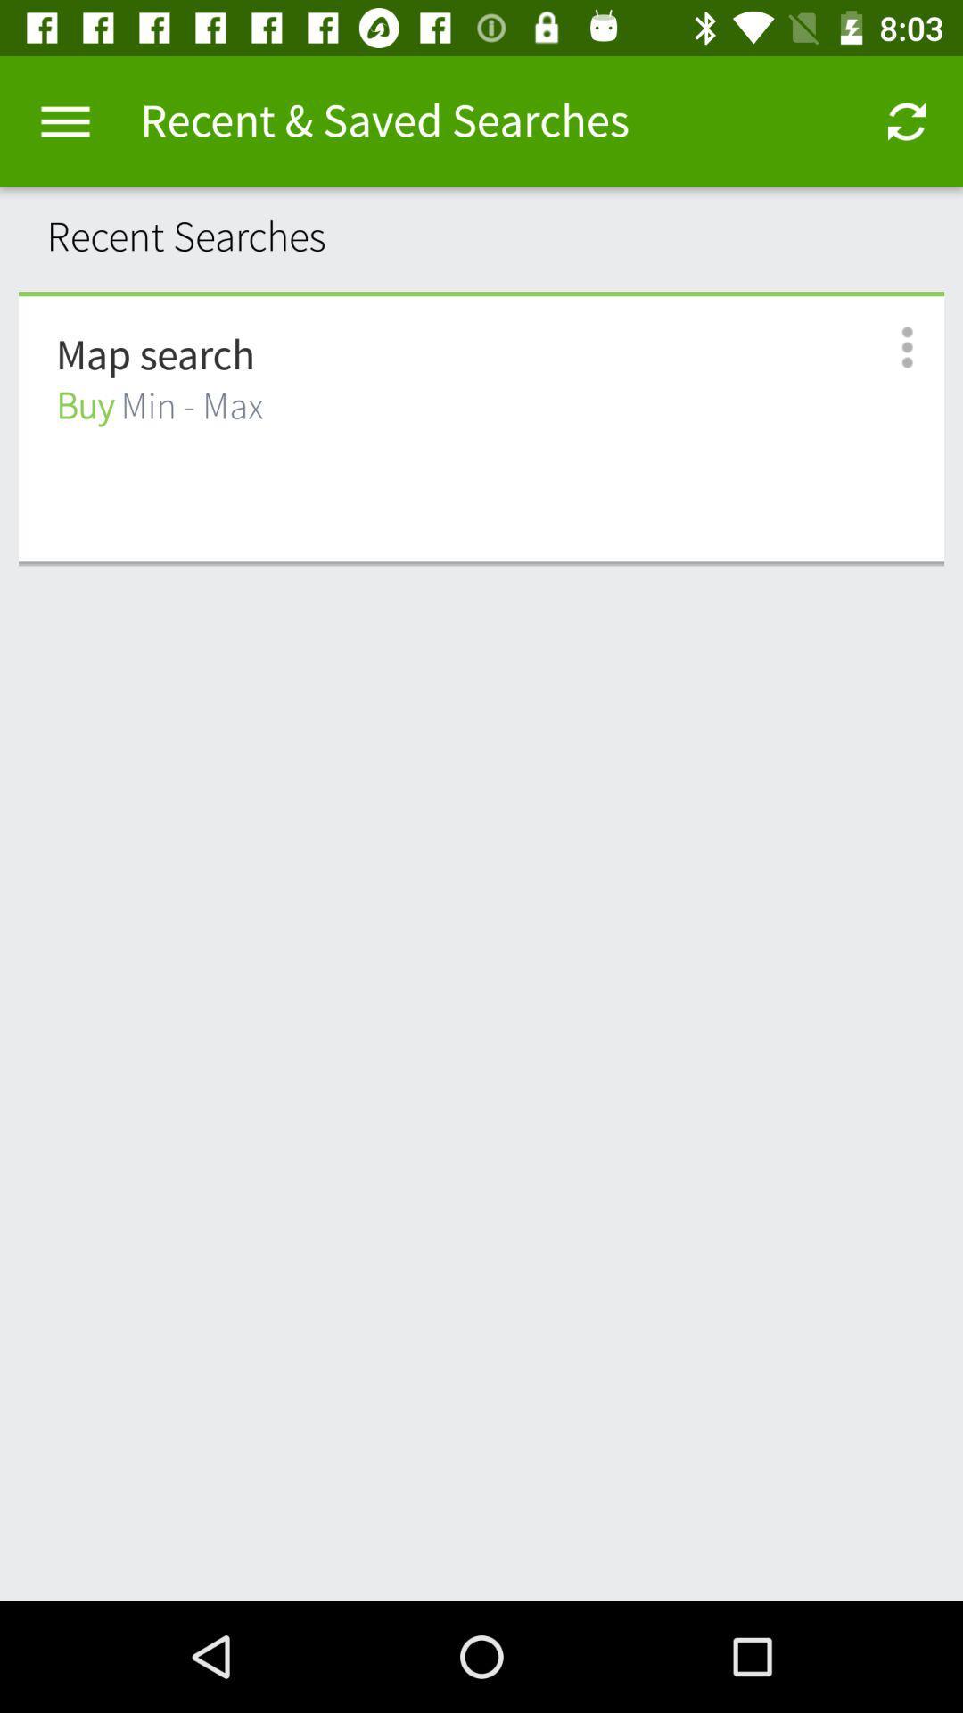  Describe the element at coordinates (887, 347) in the screenshot. I see `open more options` at that location.